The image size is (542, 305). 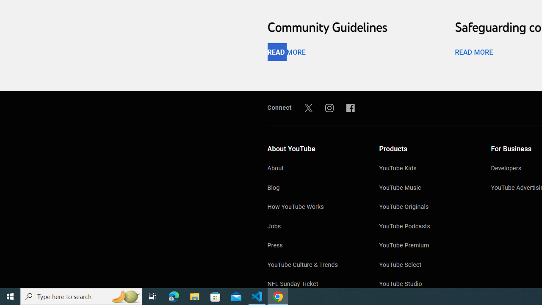 What do you see at coordinates (314, 285) in the screenshot?
I see `'NFL Sunday Ticket'` at bounding box center [314, 285].